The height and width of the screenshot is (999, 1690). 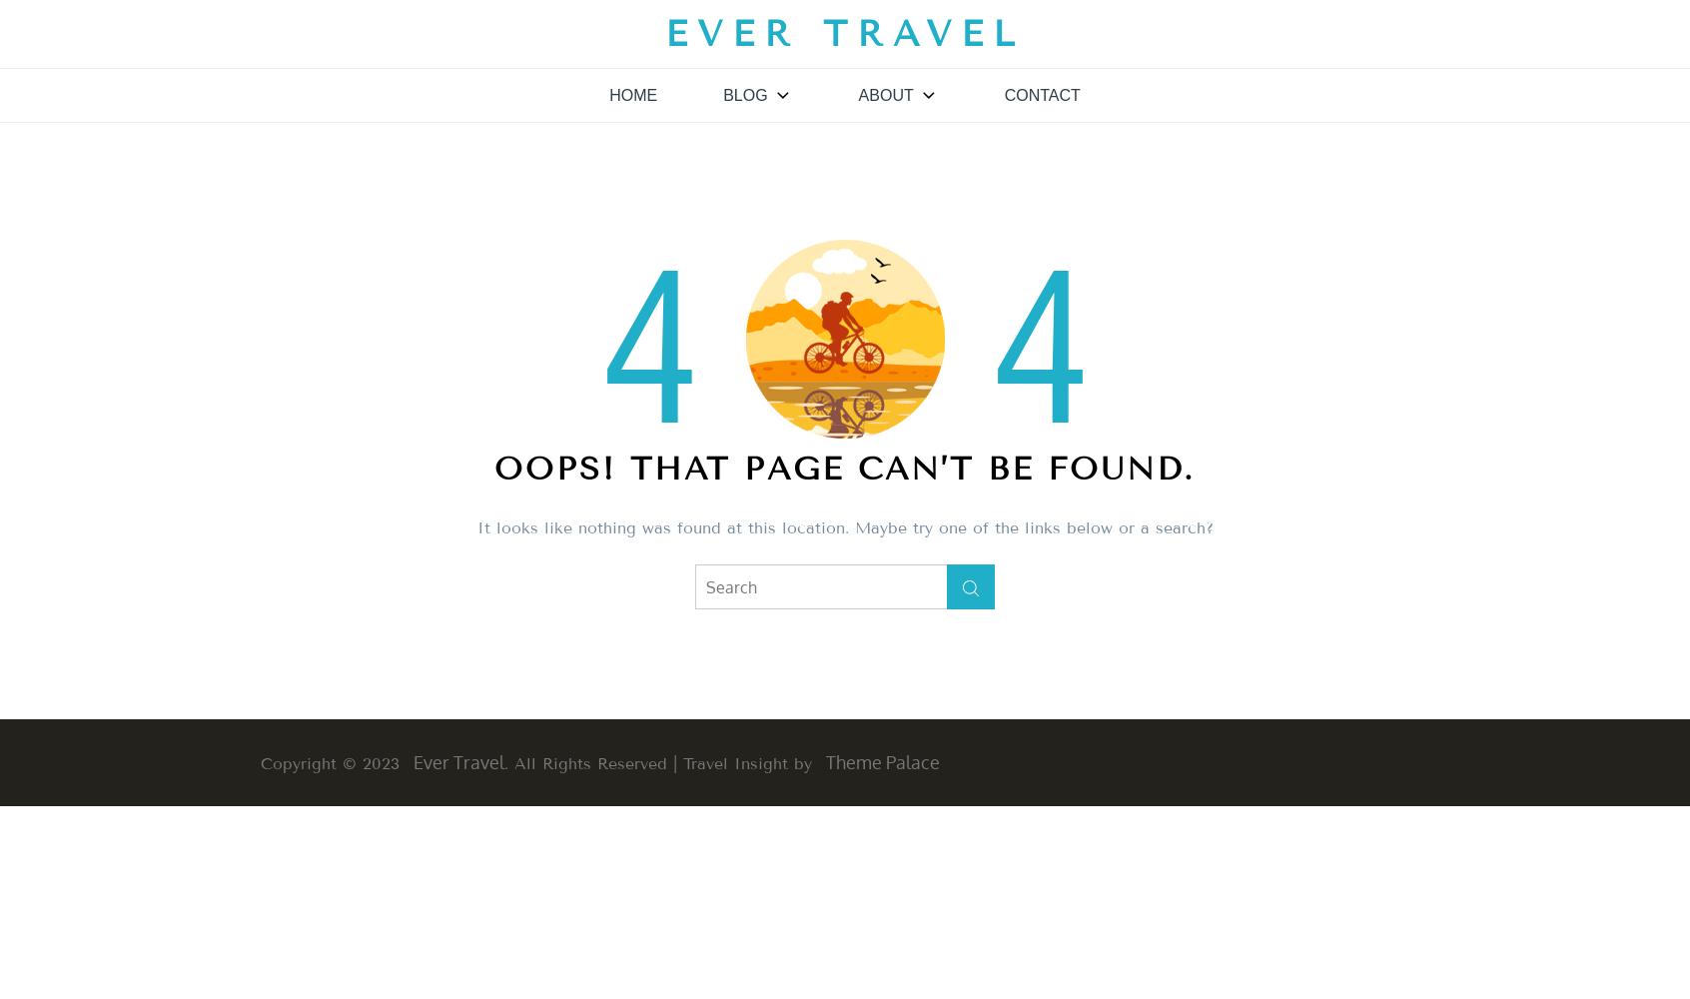 I want to click on 'It looks like nothing was found at this location. Maybe try one of the links below or a search?', so click(x=844, y=527).